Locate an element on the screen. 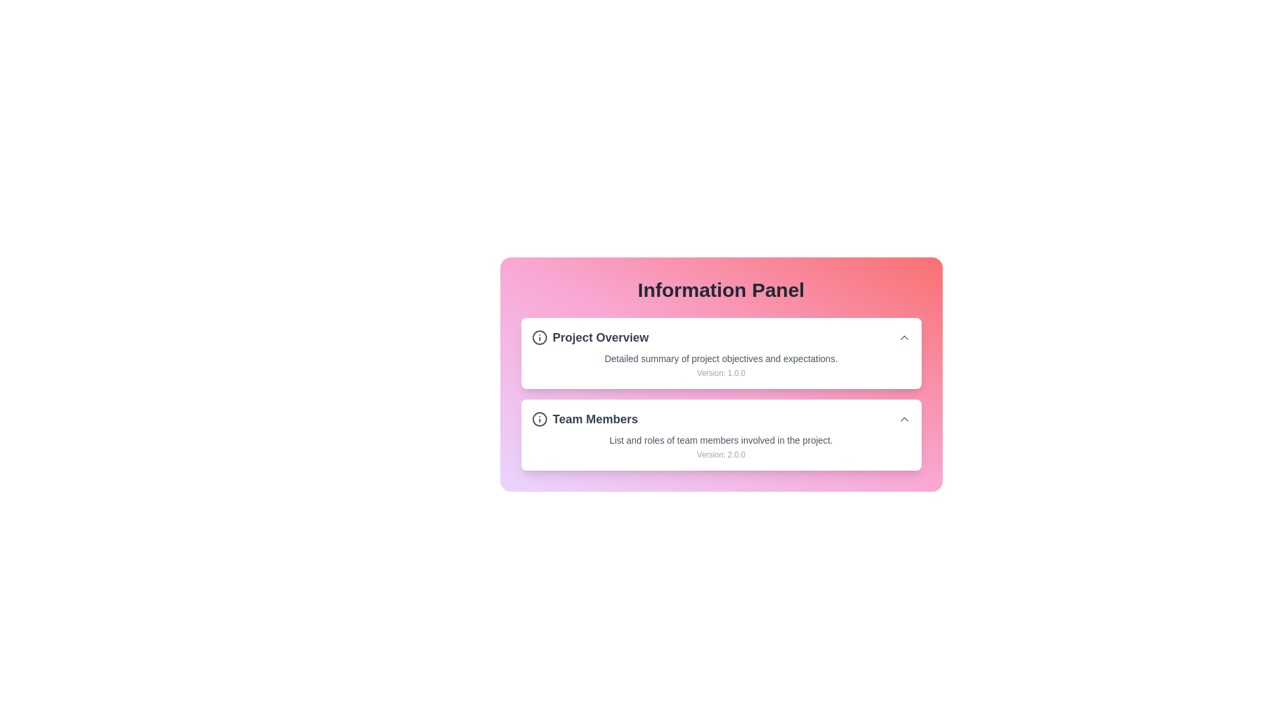  the chevron-up button located at the far right of the 'Project Overview' section header is located at coordinates (903, 337).